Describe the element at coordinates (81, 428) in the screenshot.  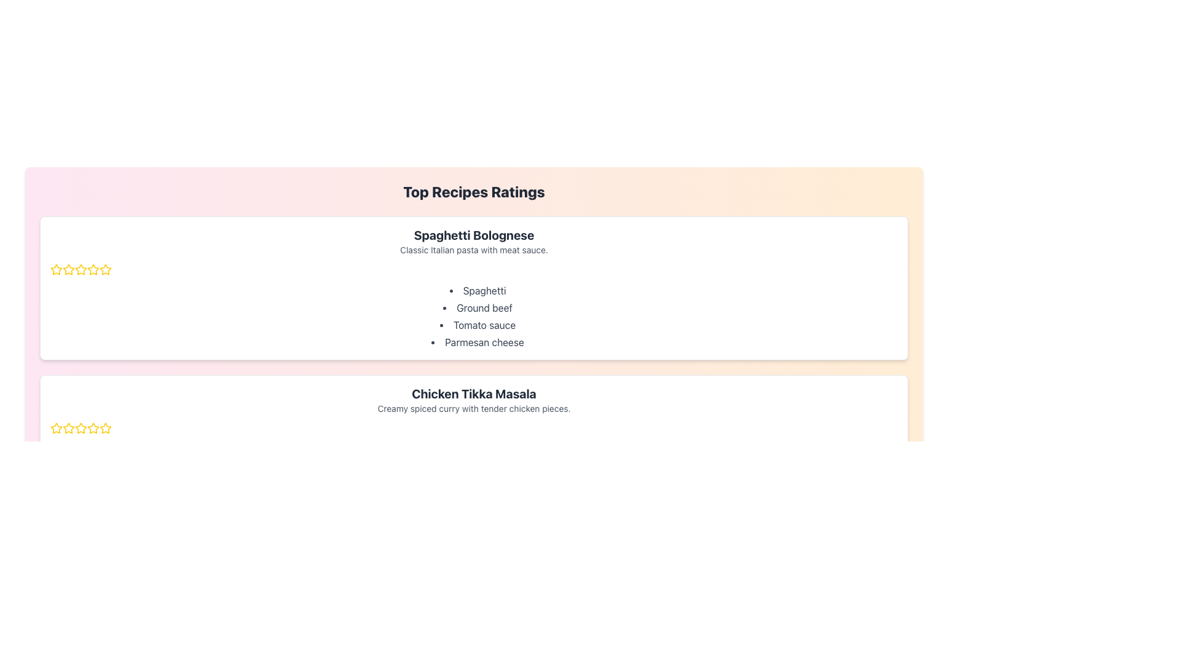
I see `the fourth star icon in the rating component under the title 'Chicken Tikka Masala' to rate it` at that location.